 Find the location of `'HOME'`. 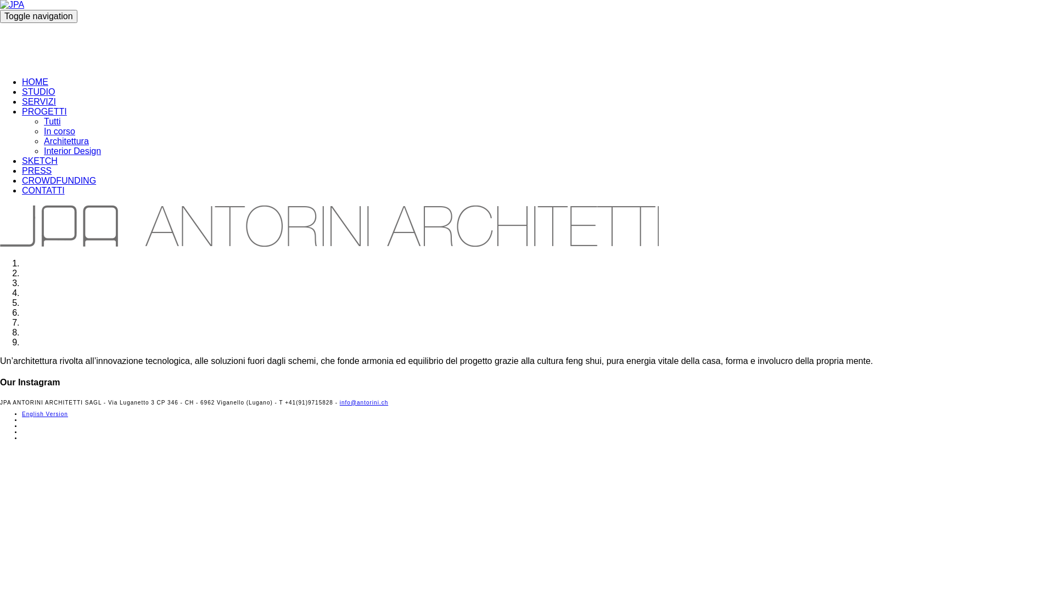

'HOME' is located at coordinates (35, 81).